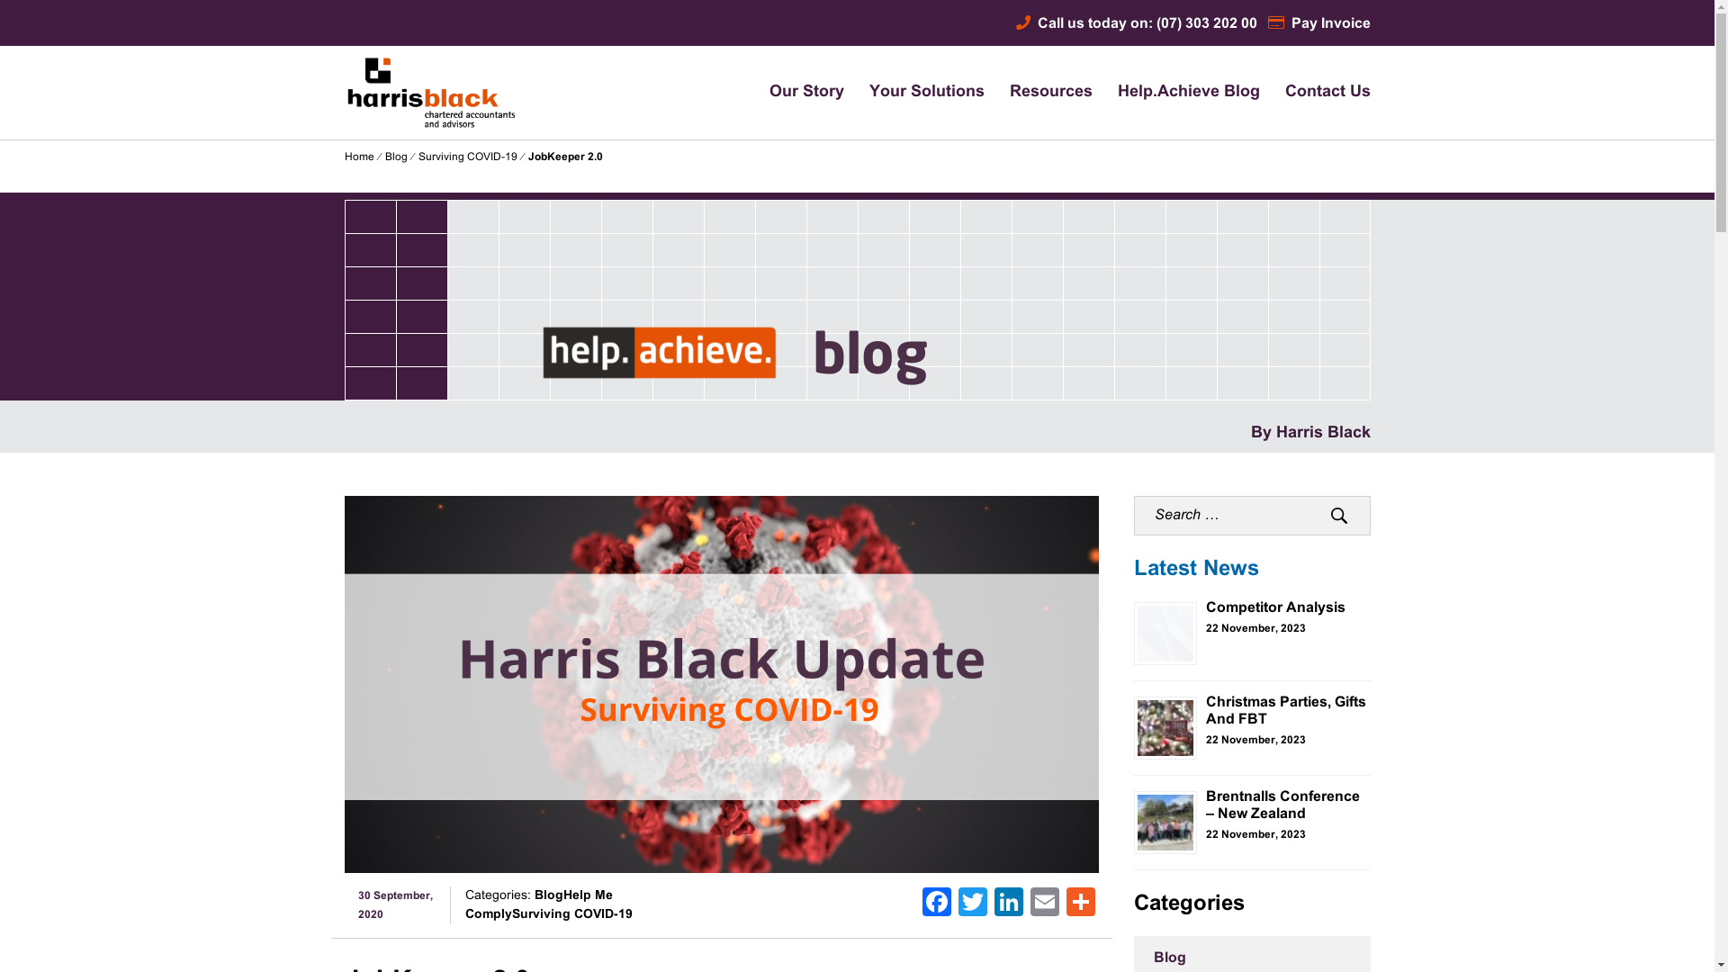  What do you see at coordinates (1327, 93) in the screenshot?
I see `'Contact Us'` at bounding box center [1327, 93].